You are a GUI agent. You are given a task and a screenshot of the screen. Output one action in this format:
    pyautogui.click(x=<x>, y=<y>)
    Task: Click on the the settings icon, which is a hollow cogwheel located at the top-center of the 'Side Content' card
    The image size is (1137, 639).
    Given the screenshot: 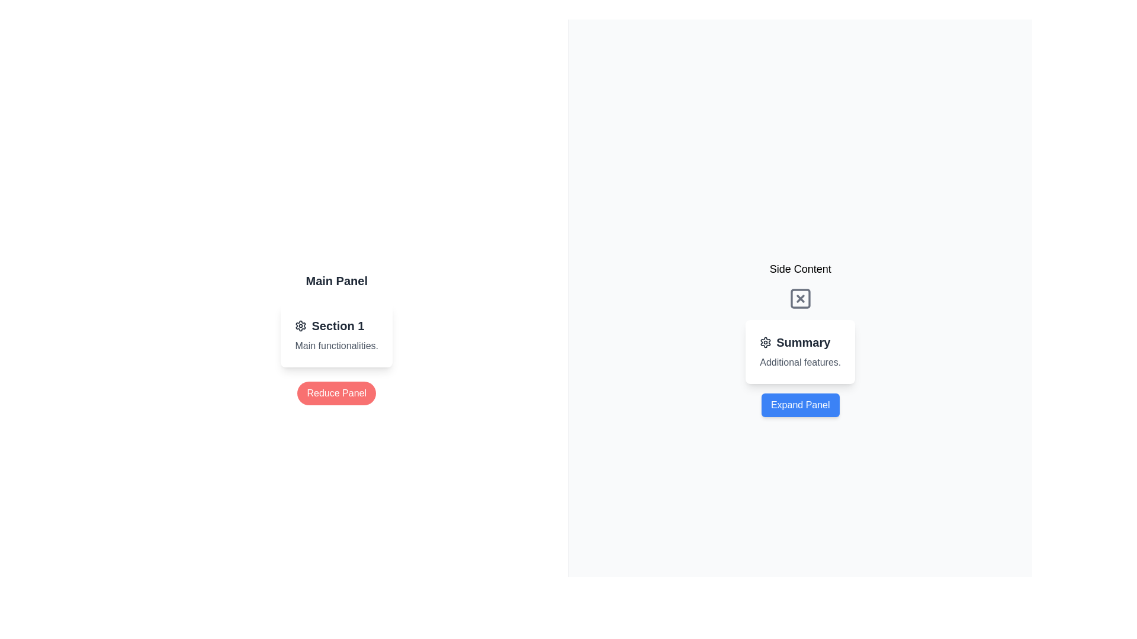 What is the action you would take?
    pyautogui.click(x=301, y=326)
    